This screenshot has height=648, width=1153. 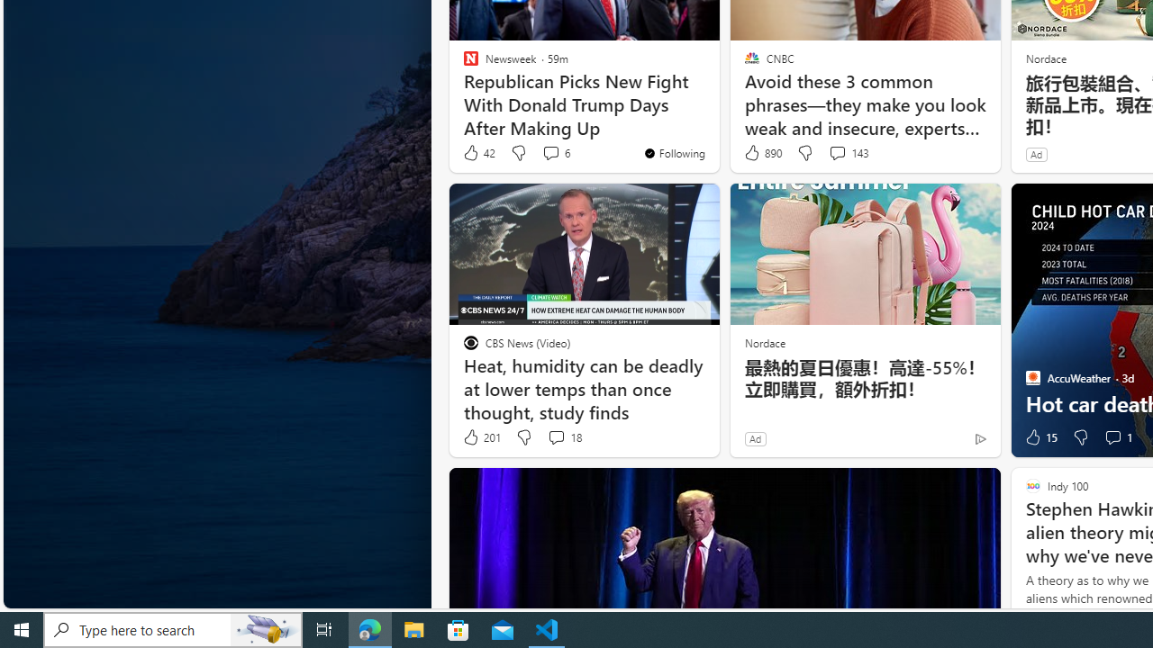 What do you see at coordinates (1116, 437) in the screenshot?
I see `'View comments 1 Comment'` at bounding box center [1116, 437].